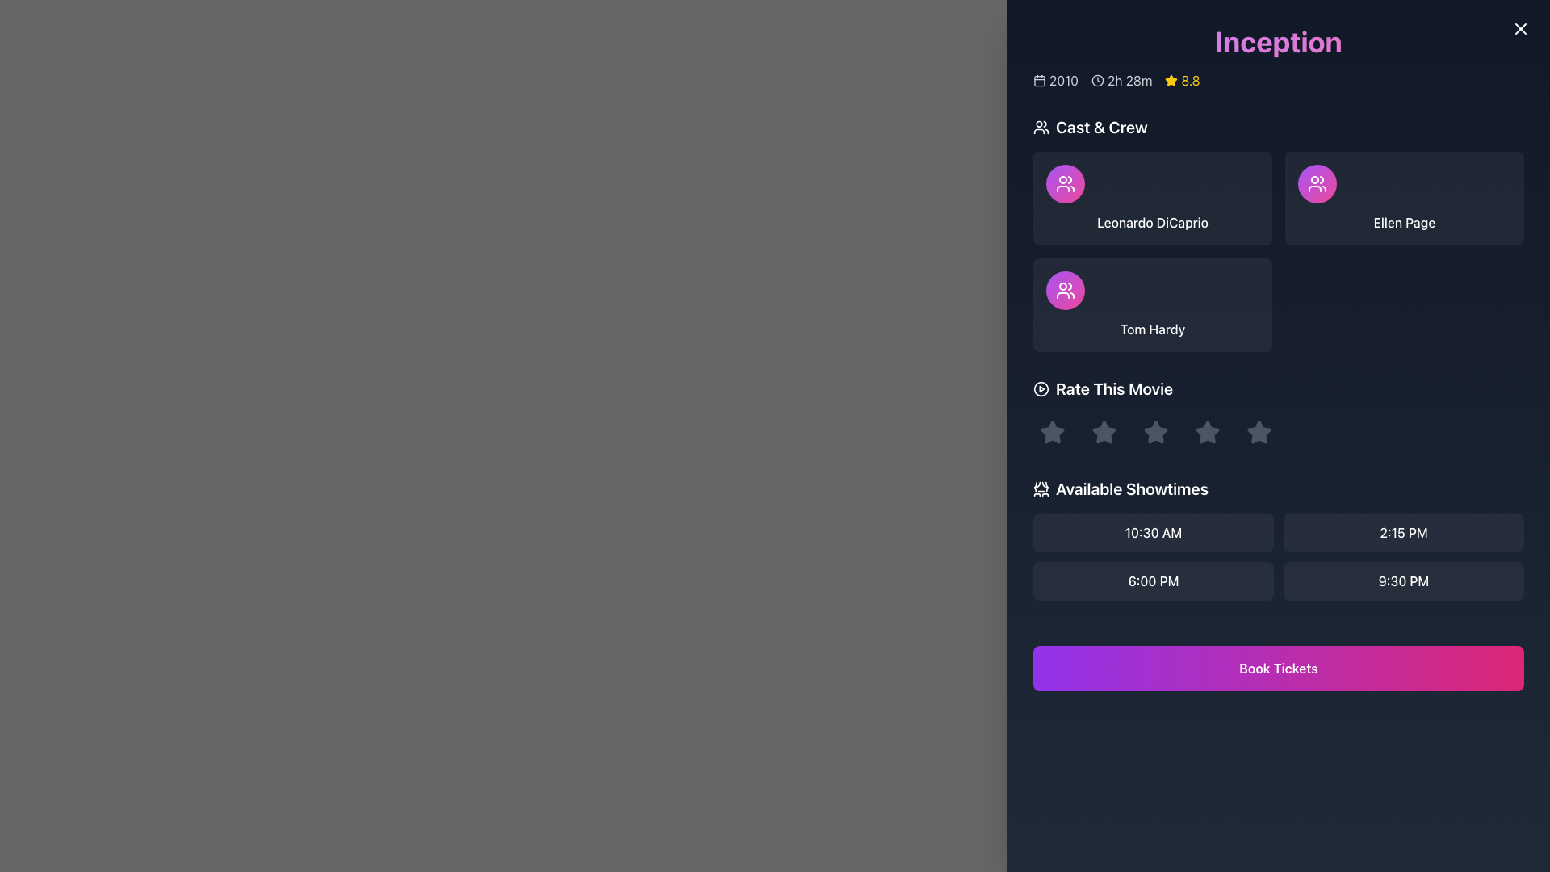 Image resolution: width=1550 pixels, height=872 pixels. I want to click on the second star icon in the 'Rate This Movie' section to trigger the interactive effect, so click(1154, 431).